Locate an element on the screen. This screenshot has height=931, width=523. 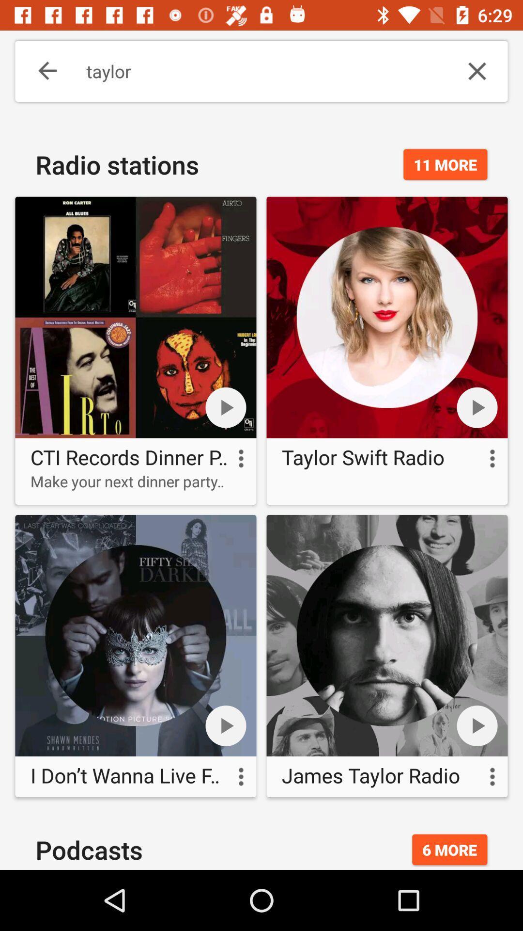
the item to the left of the taylor item is located at coordinates (40, 71).